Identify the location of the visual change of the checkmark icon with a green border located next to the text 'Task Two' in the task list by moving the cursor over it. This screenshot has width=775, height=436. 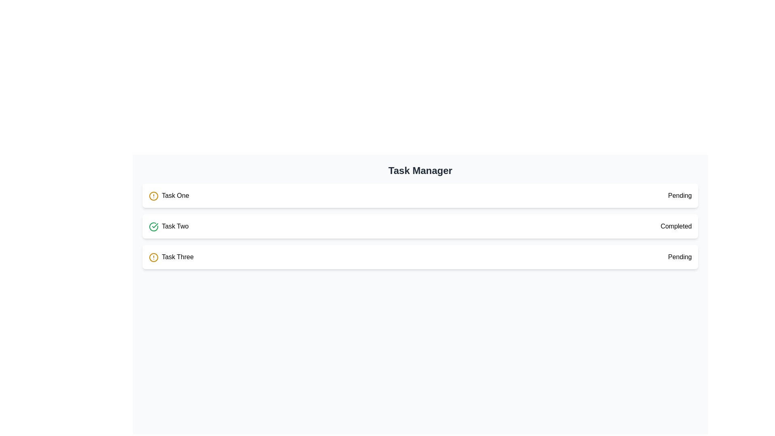
(155, 226).